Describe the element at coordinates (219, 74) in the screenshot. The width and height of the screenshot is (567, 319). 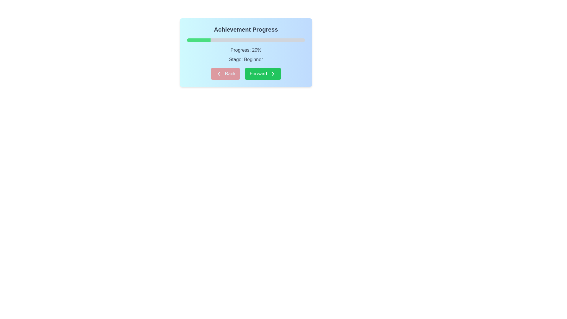
I see `the 'Back' button, which features a left-pointing chevron icon within a red circular button and is located inside a pink rectangular button labeled 'Back'` at that location.